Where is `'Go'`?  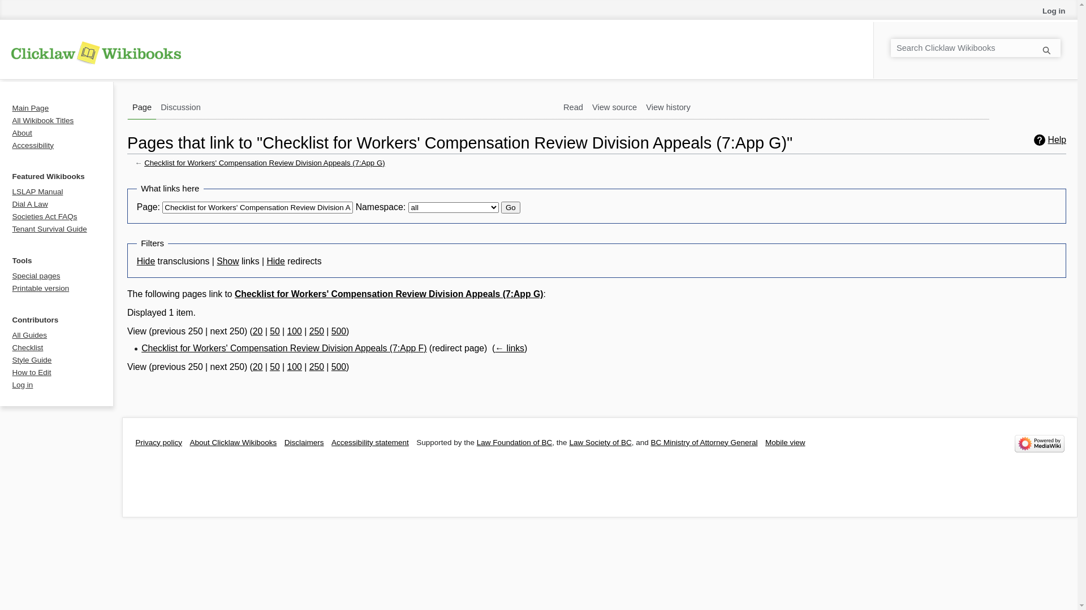
'Go' is located at coordinates (501, 207).